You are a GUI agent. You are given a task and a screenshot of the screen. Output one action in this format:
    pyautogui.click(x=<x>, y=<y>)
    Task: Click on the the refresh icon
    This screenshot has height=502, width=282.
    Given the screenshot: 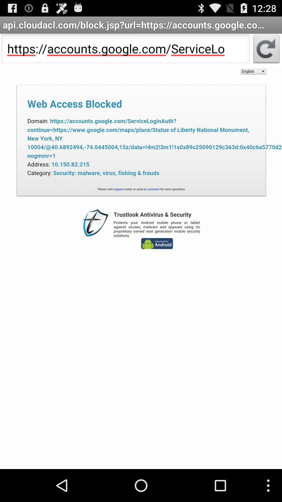 What is the action you would take?
    pyautogui.click(x=266, y=54)
    